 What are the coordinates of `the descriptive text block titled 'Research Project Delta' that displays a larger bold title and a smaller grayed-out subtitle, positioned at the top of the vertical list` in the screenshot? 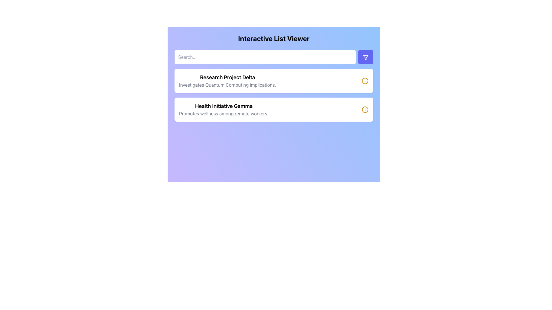 It's located at (227, 81).